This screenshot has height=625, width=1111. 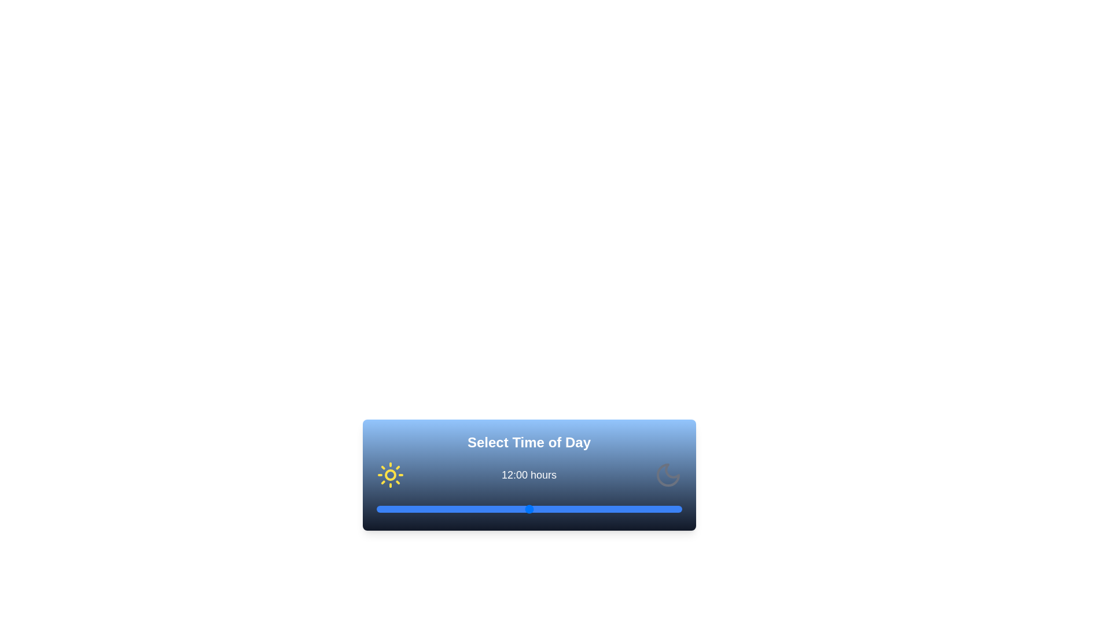 What do you see at coordinates (580, 508) in the screenshot?
I see `the time to 16 hours using the slider` at bounding box center [580, 508].